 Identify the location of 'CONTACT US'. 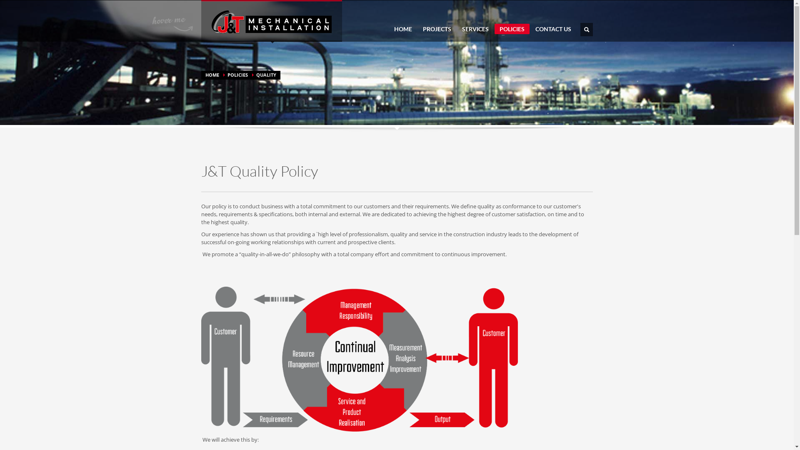
(552, 28).